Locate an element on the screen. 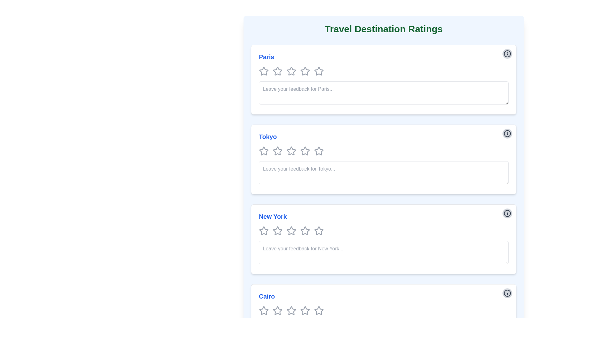 The width and height of the screenshot is (601, 338). the first rating star for the destination 'Cairo' to rate it is located at coordinates (264, 310).